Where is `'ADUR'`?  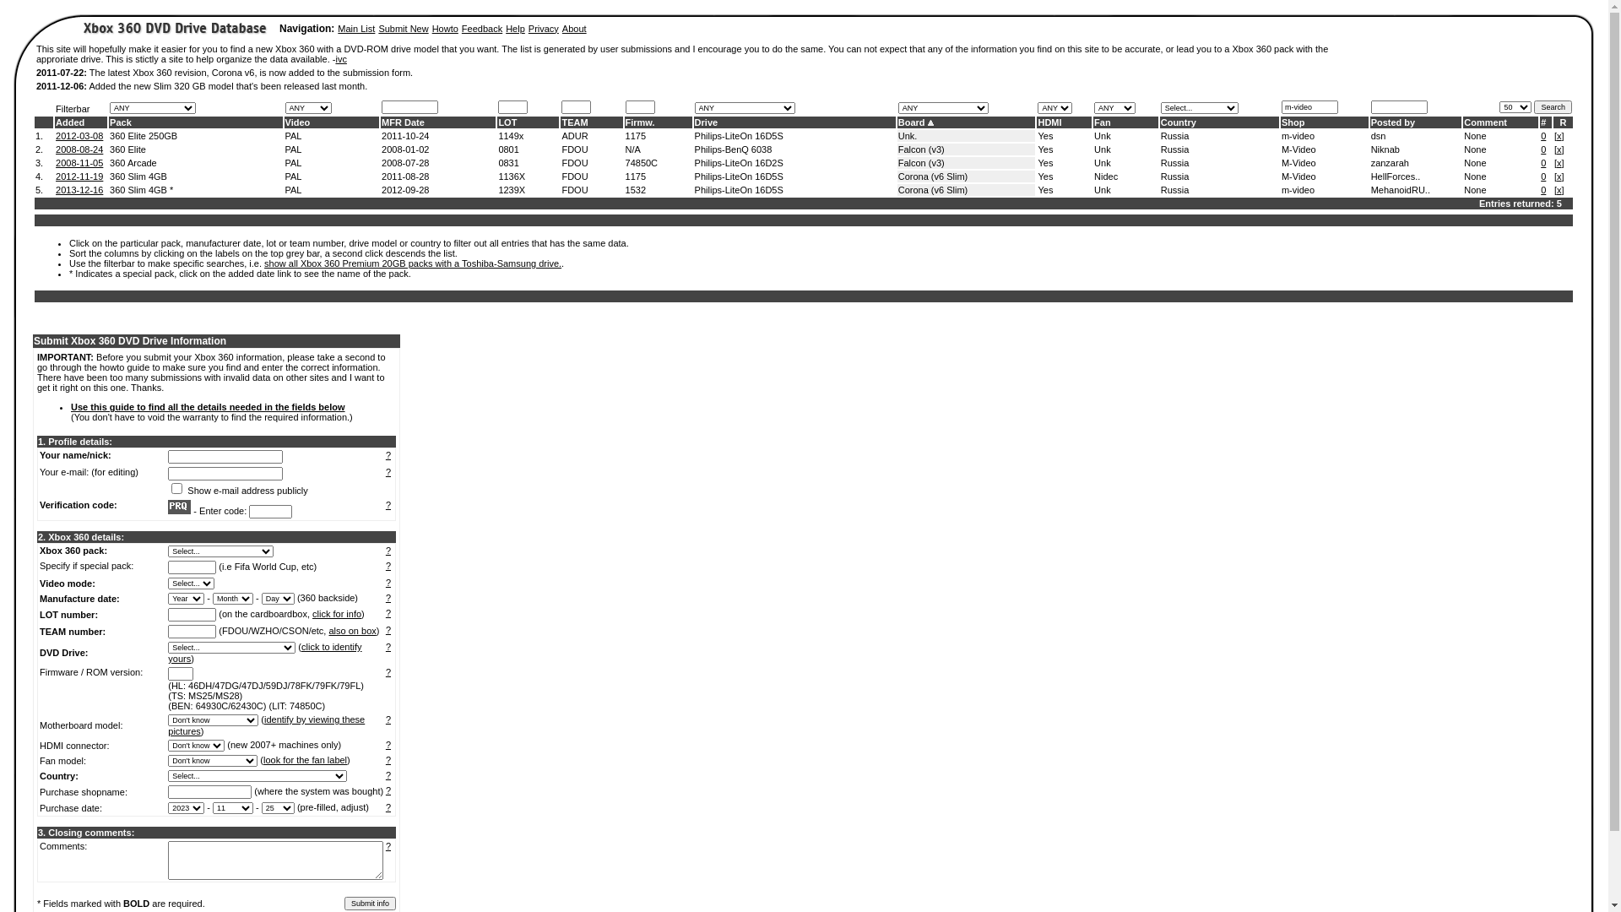 'ADUR' is located at coordinates (574, 135).